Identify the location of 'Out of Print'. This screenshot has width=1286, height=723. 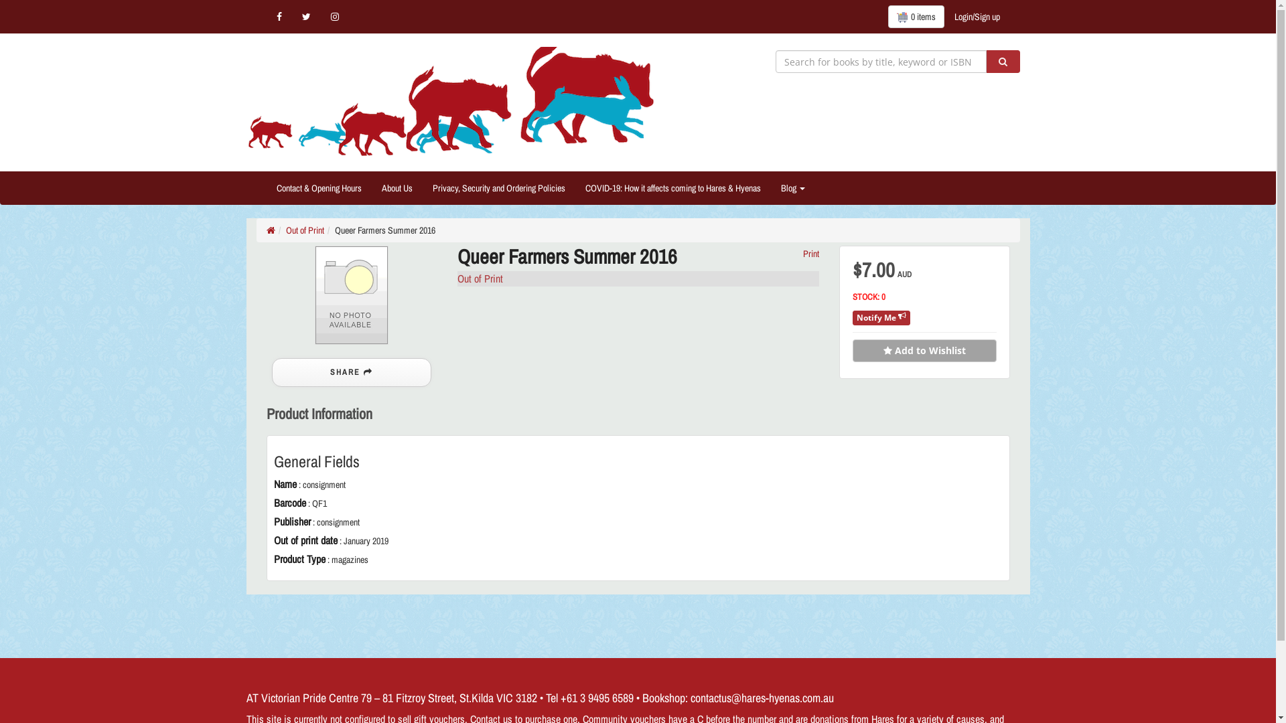
(303, 229).